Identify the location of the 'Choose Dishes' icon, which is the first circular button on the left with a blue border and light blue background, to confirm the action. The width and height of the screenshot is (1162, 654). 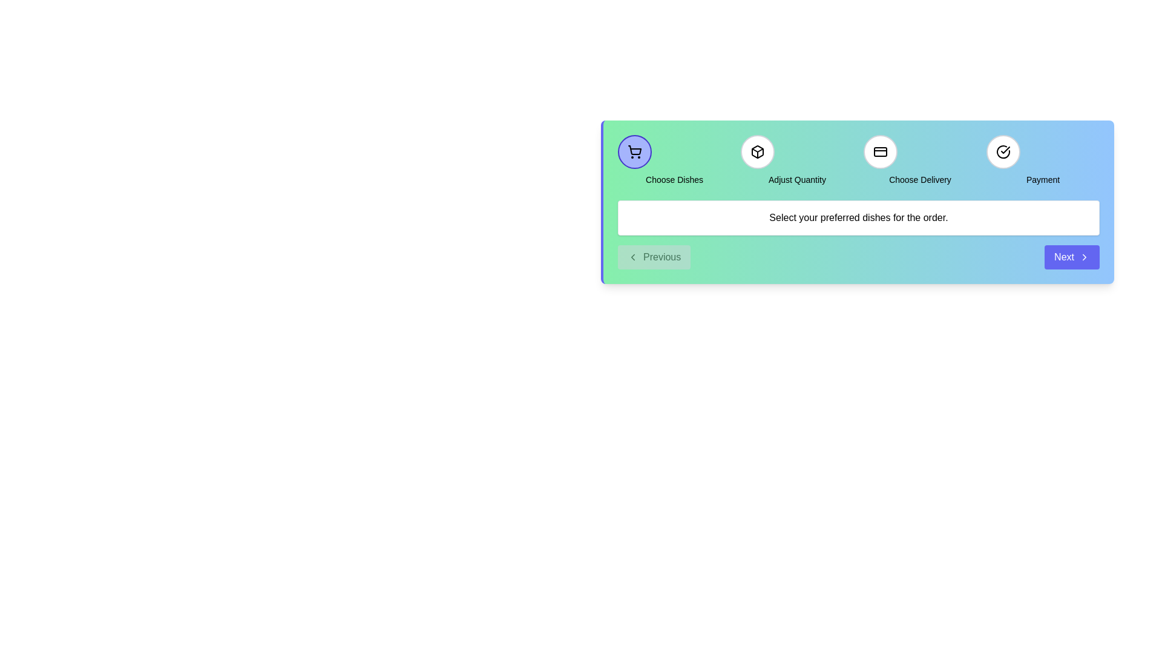
(634, 151).